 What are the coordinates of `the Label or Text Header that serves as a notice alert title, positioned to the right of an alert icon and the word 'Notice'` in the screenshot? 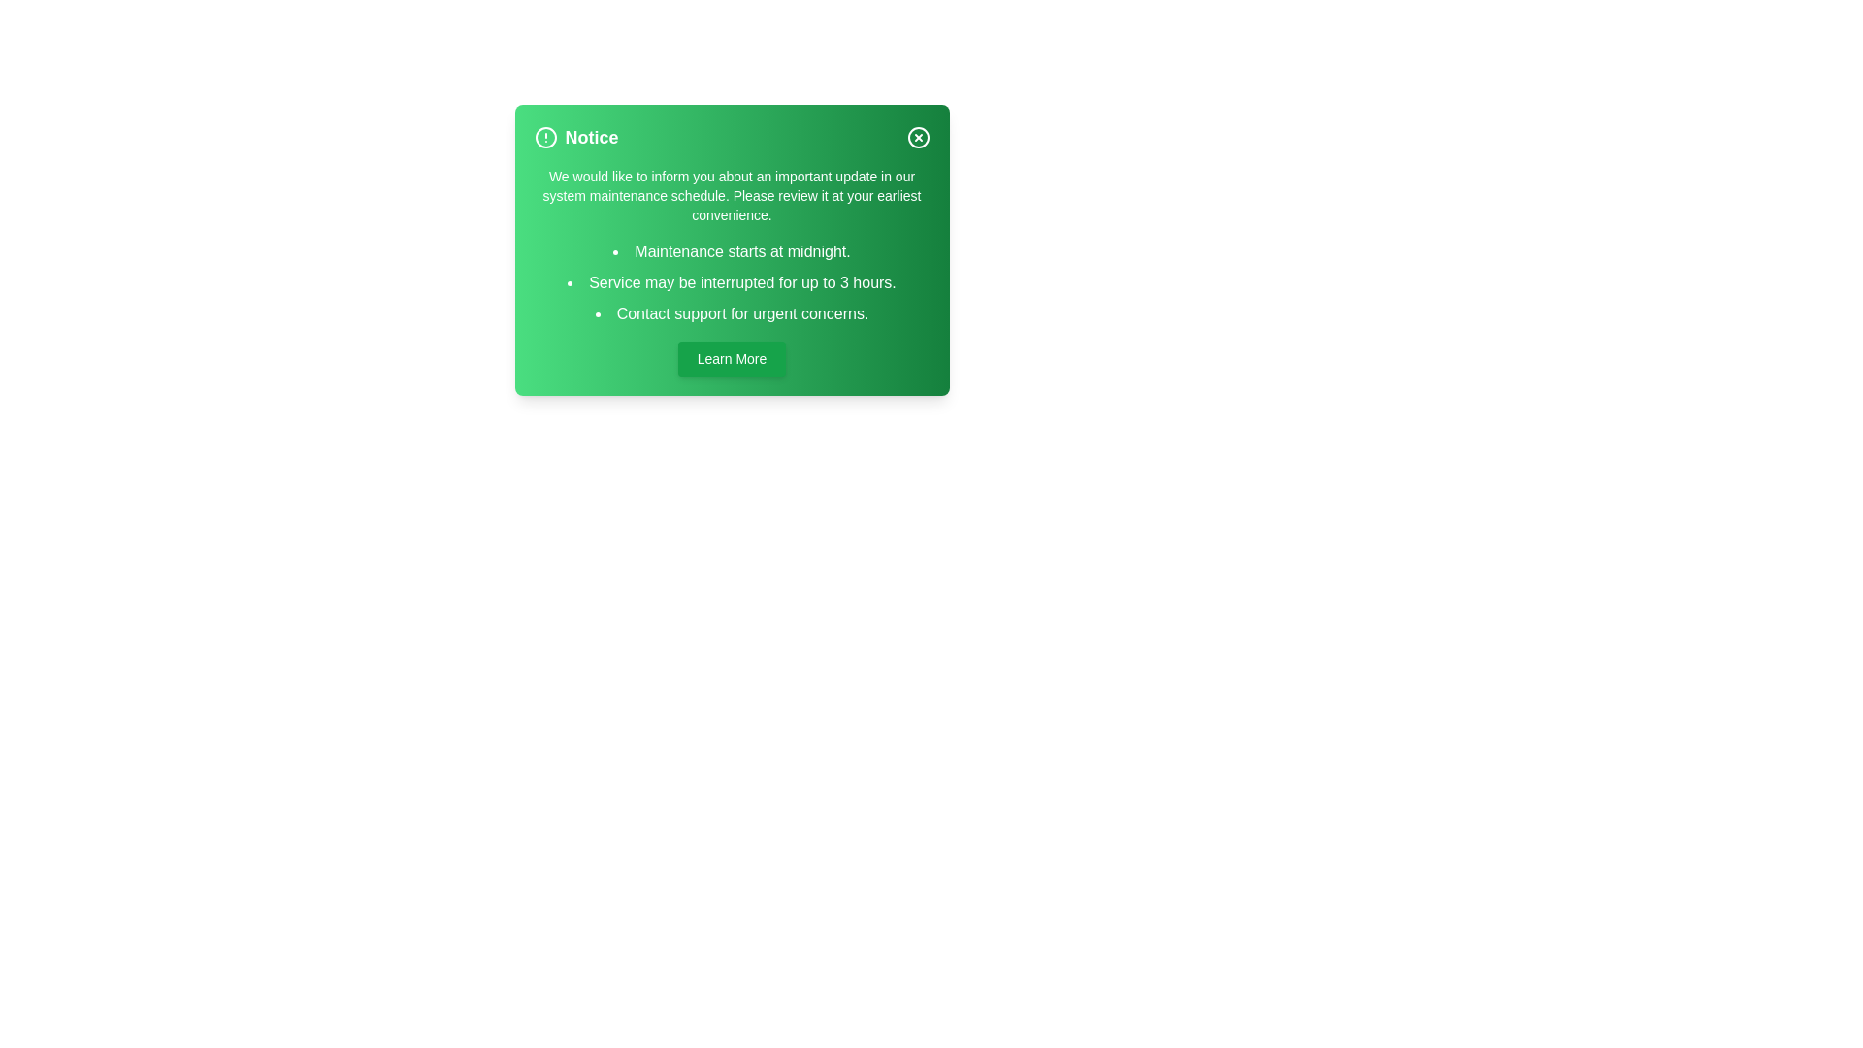 It's located at (575, 137).